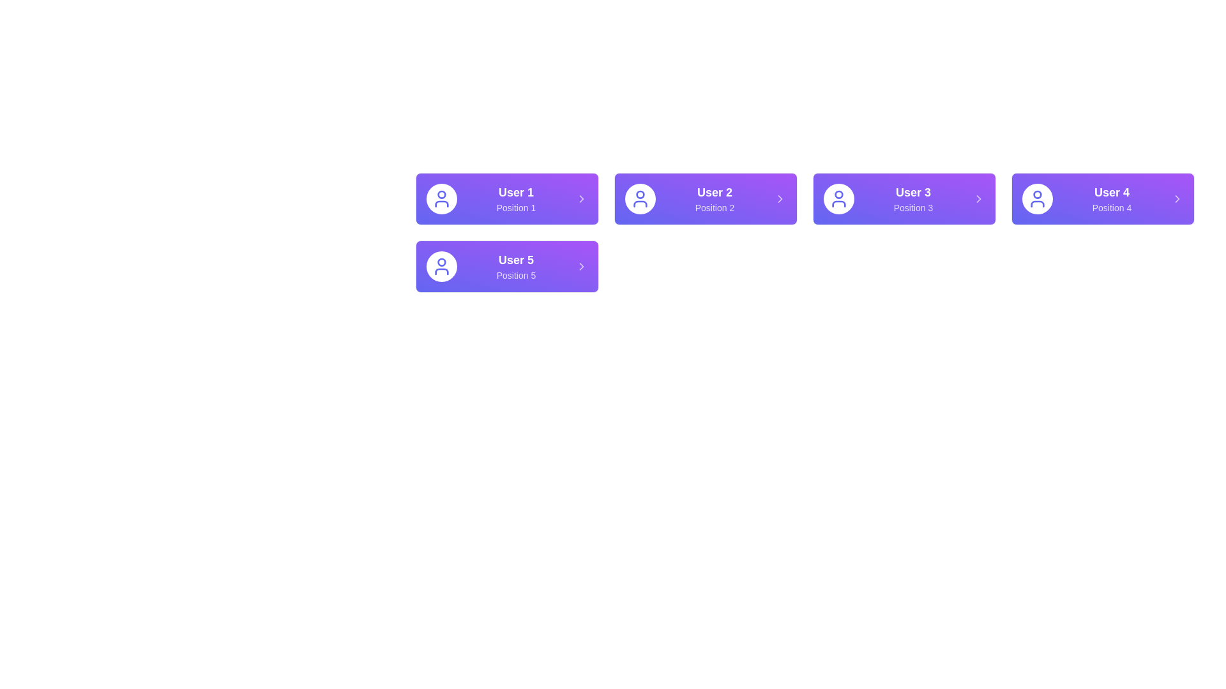  I want to click on text label displaying the positional ranking or identifying number associated with the user within the 'User 4' card, so click(1111, 207).